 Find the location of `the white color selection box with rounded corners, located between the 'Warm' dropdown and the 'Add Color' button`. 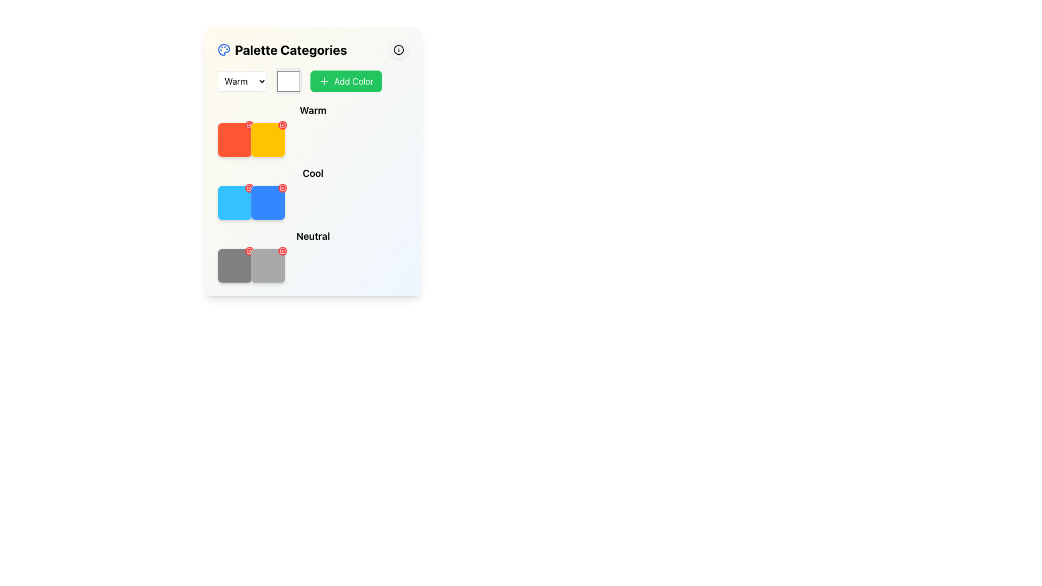

the white color selection box with rounded corners, located between the 'Warm' dropdown and the 'Add Color' button is located at coordinates (289, 81).